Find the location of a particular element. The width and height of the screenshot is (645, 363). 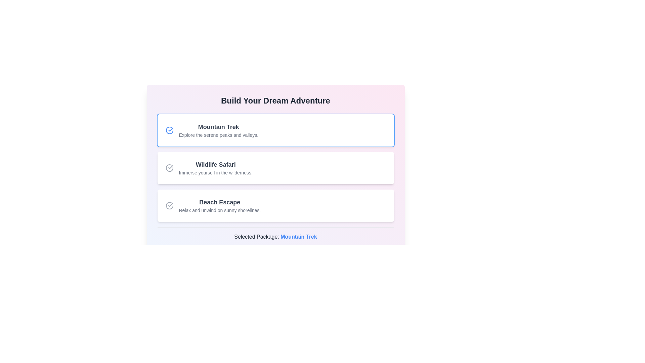

the 'Beach Escape' package description, which is the third selectable option in a vertically stacked layout below 'Mountain Trek' and 'Wildlife Safari' is located at coordinates (220, 205).